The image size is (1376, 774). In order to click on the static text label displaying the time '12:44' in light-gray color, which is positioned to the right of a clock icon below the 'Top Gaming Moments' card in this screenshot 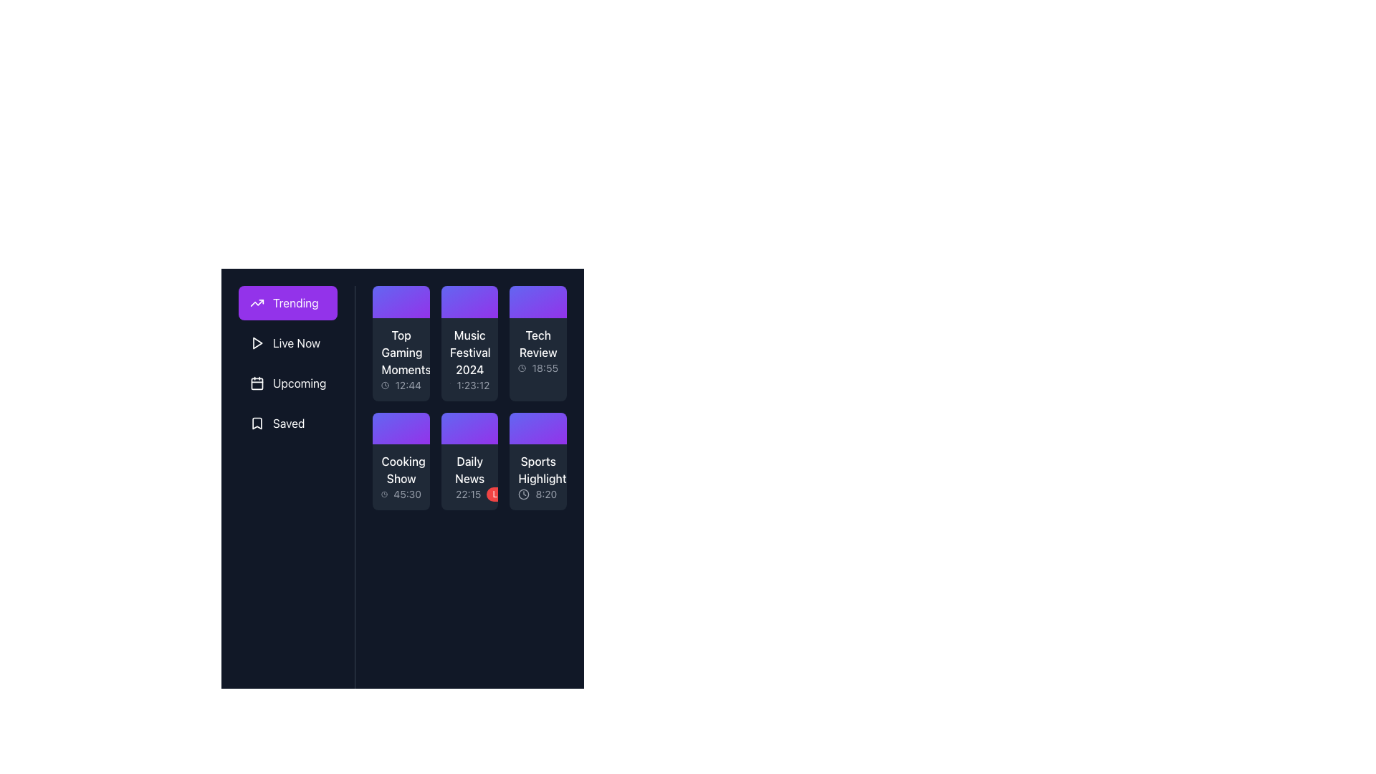, I will do `click(407, 384)`.